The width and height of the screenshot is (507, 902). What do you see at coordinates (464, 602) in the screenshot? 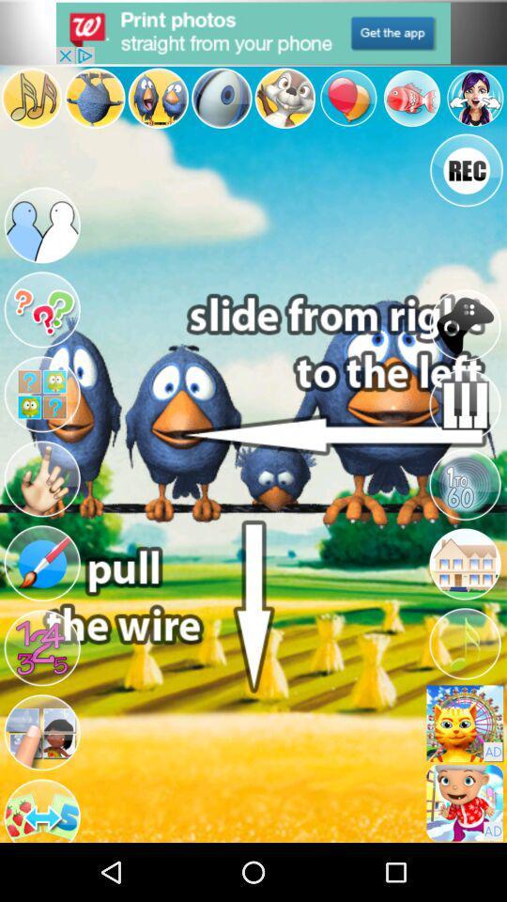
I see `the home icon` at bounding box center [464, 602].